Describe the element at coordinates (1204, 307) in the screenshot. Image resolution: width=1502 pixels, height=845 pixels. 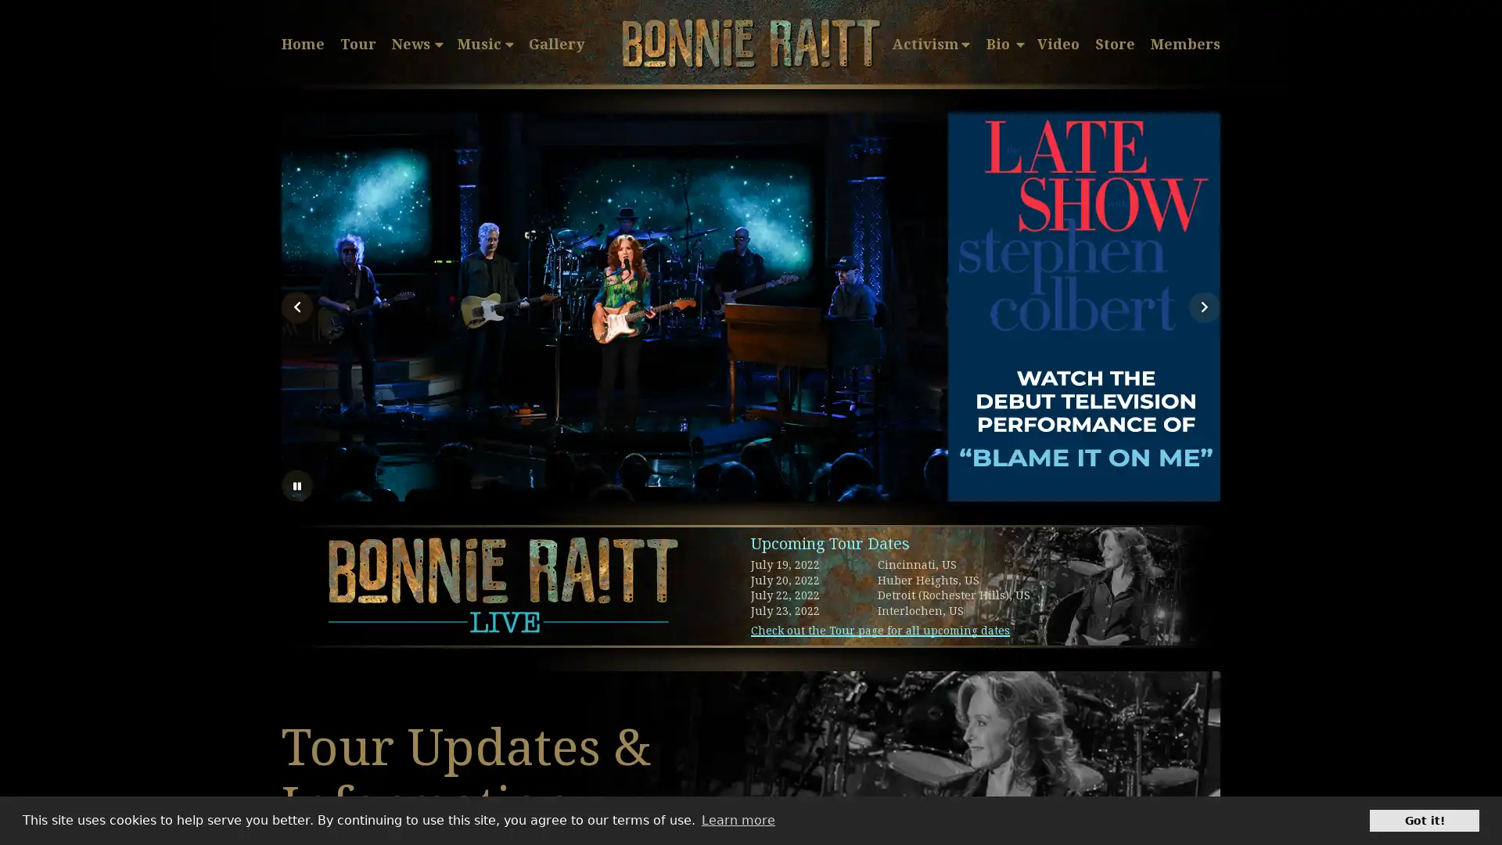
I see `Next Slide` at that location.